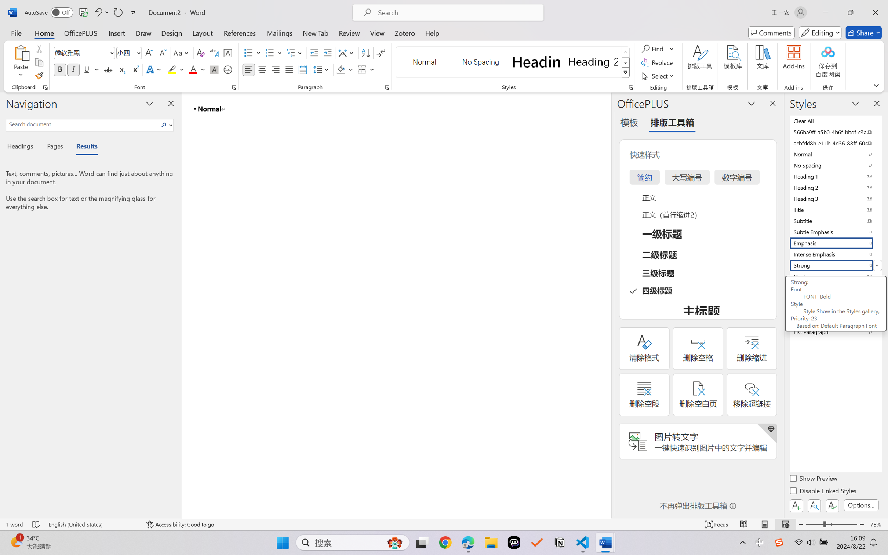 The height and width of the screenshot is (555, 888). I want to click on '566ba9ff-a5b0-4b6f-bbdf-c3ab41993fc2', so click(835, 131).